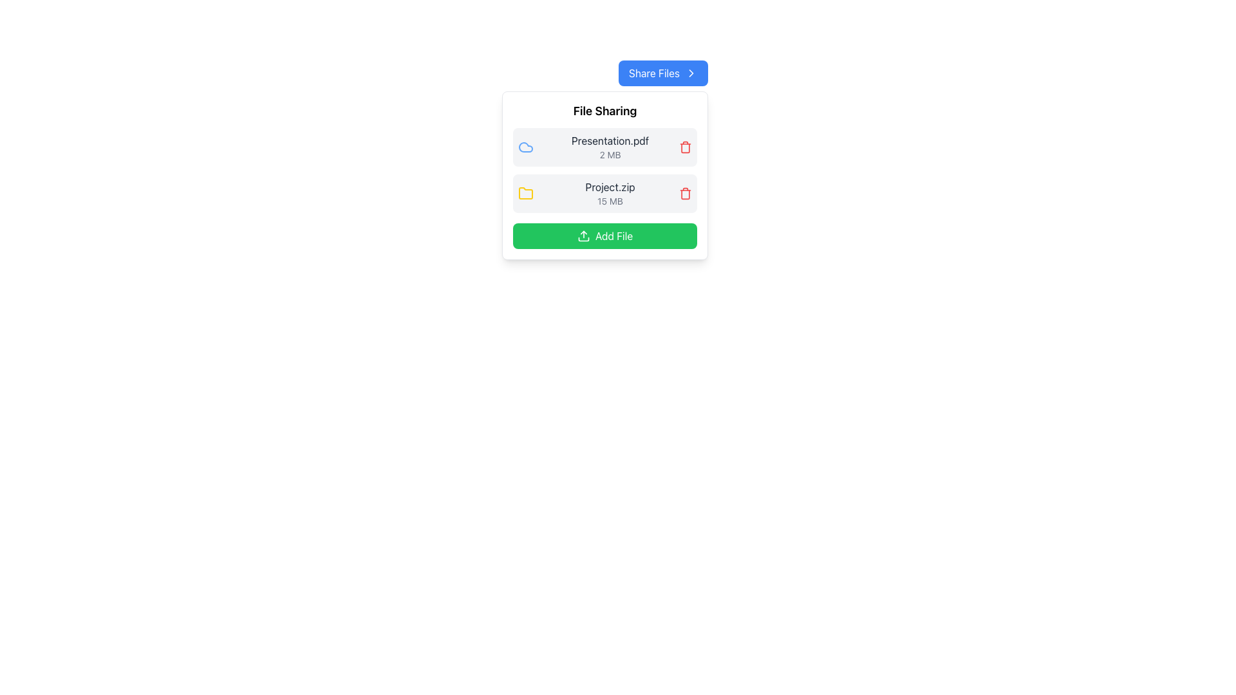 This screenshot has height=695, width=1236. I want to click on the cloud icon that represents the file type, located to the immediate left of 'Presentation.pdf' and '2 MB' in the file sharing interface, so click(526, 146).